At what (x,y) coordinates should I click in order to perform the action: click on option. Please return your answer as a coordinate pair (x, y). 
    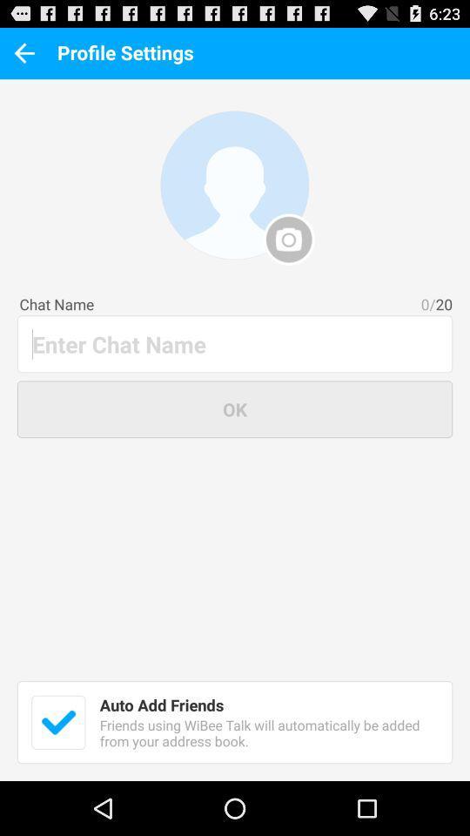
    Looking at the image, I should click on (58, 722).